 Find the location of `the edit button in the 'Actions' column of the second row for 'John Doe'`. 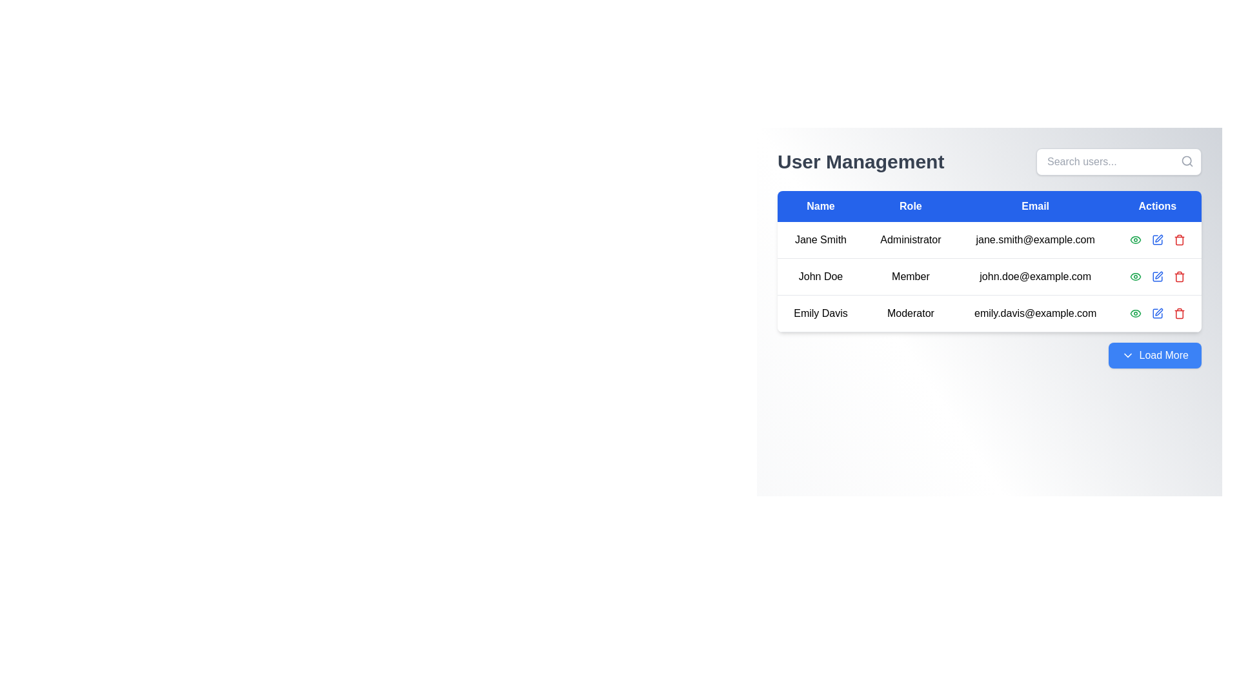

the edit button in the 'Actions' column of the second row for 'John Doe' is located at coordinates (1157, 276).